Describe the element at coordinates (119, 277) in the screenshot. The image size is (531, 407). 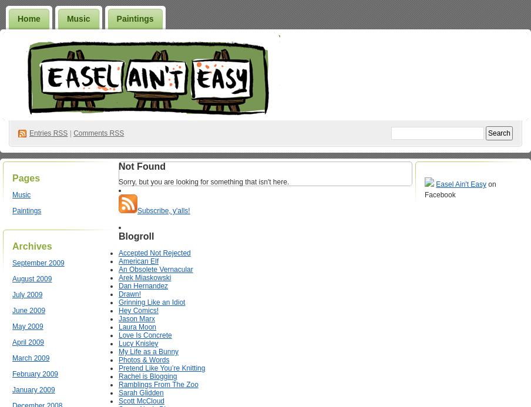
I see `'Arek Miaskowski'` at that location.